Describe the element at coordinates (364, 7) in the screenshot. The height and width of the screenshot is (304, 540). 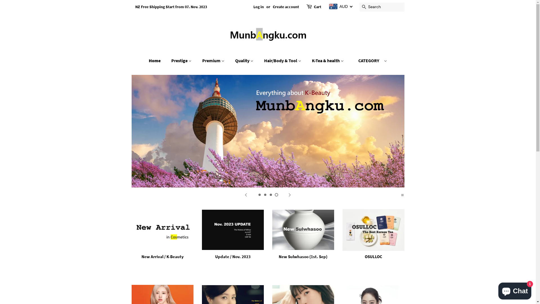
I see `'Search'` at that location.